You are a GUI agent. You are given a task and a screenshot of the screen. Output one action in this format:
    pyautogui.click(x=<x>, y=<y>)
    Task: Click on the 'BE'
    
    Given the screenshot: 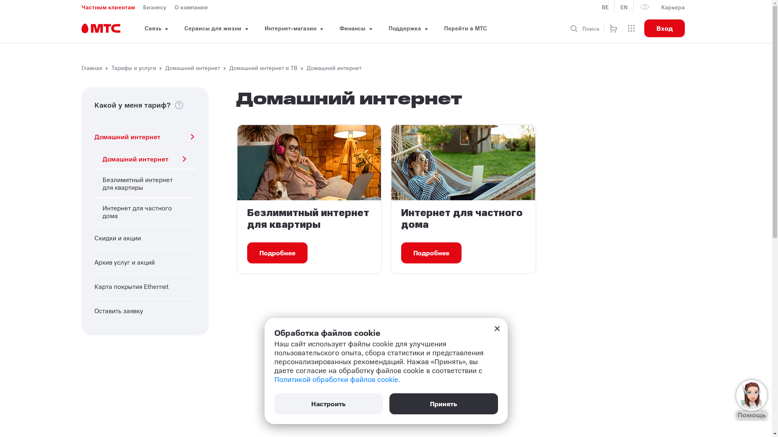 What is the action you would take?
    pyautogui.click(x=605, y=6)
    